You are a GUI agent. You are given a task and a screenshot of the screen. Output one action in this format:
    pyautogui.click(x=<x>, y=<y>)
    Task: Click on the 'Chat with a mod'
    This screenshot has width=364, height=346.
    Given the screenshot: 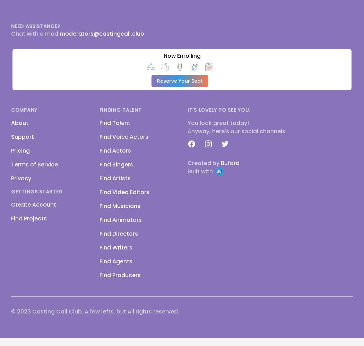 What is the action you would take?
    pyautogui.click(x=35, y=33)
    